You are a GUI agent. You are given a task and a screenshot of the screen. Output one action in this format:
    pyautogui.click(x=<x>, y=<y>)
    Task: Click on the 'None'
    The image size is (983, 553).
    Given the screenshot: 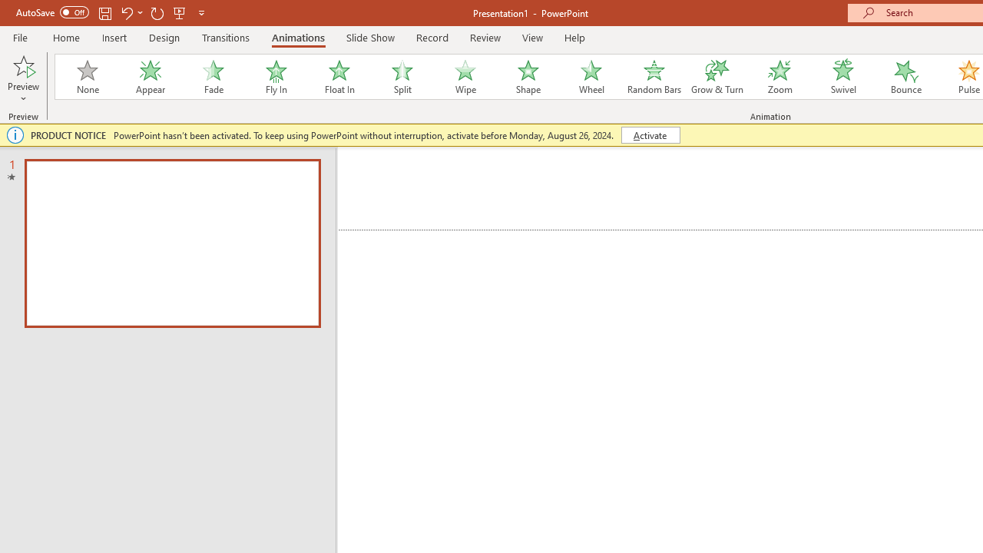 What is the action you would take?
    pyautogui.click(x=86, y=77)
    